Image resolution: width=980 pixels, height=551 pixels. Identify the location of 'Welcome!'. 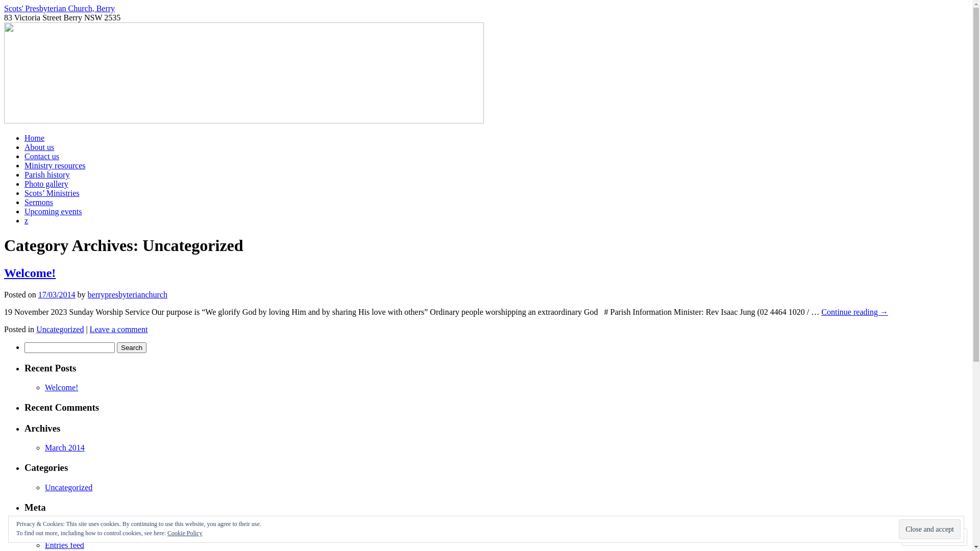
(61, 387).